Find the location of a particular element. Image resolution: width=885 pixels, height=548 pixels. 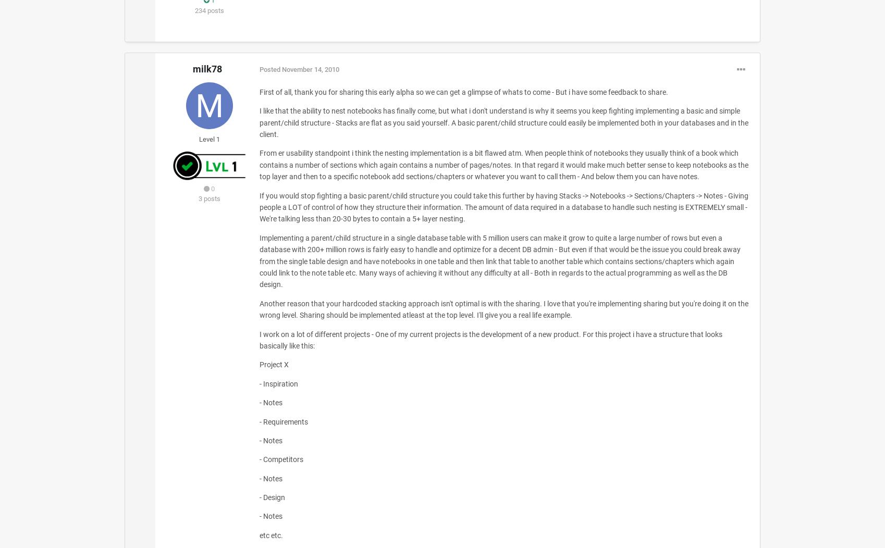

'Implementing a parent/child structure in a single database table with 5 million users can make it grow to quite a large number of rows but even a database with 200+ million rows is fairly easy to handle and optimize for a decent DB admin - But even if that would be the issue you could break away from the single table design and have notebooks in one table and then link that table to another table which contains sections/chapters which again could link to the note table etc. Many ways of achieving it without any difficulty at all - Both in regards to the actual programming as well as the DB design.' is located at coordinates (259, 260).